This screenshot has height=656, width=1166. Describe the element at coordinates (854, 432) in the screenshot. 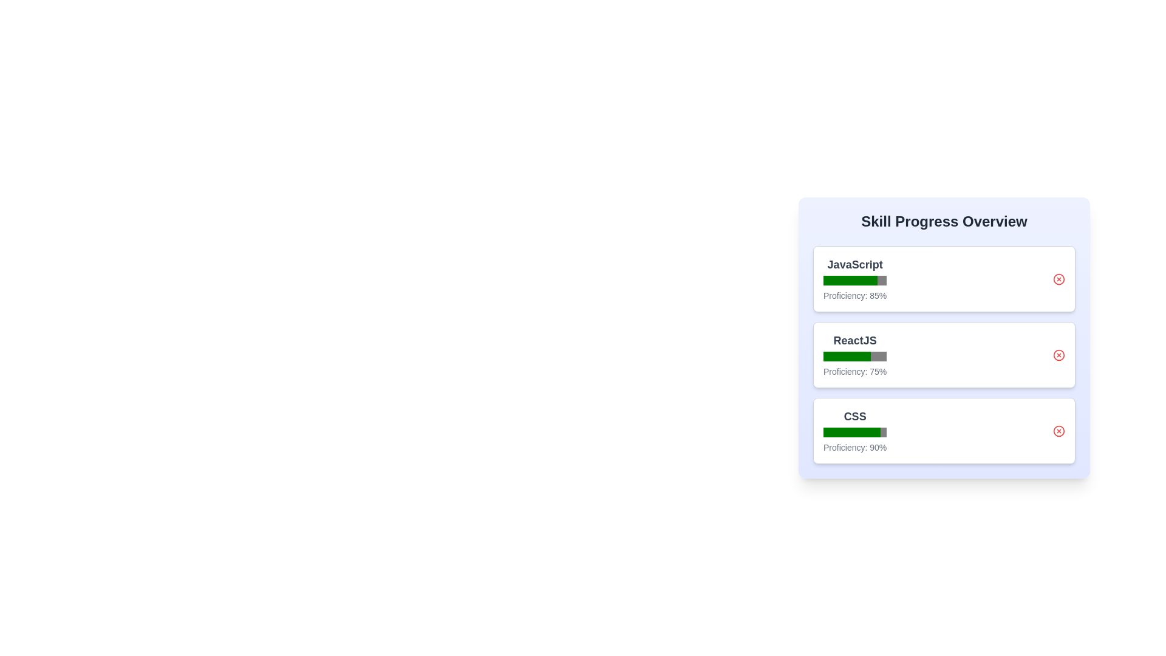

I see `the progress bar for CSS to view its proficiency` at that location.